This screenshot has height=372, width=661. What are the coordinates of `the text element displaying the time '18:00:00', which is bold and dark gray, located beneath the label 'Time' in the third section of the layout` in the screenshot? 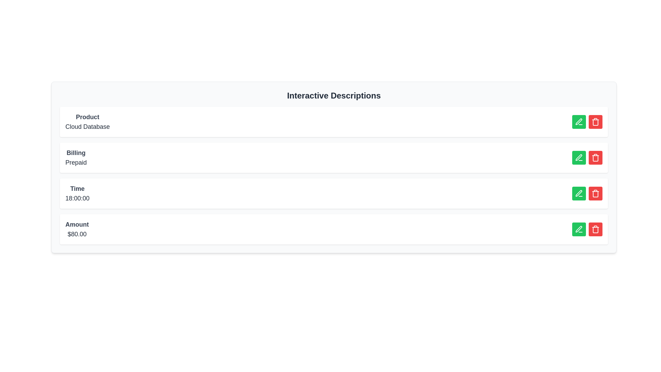 It's located at (77, 198).